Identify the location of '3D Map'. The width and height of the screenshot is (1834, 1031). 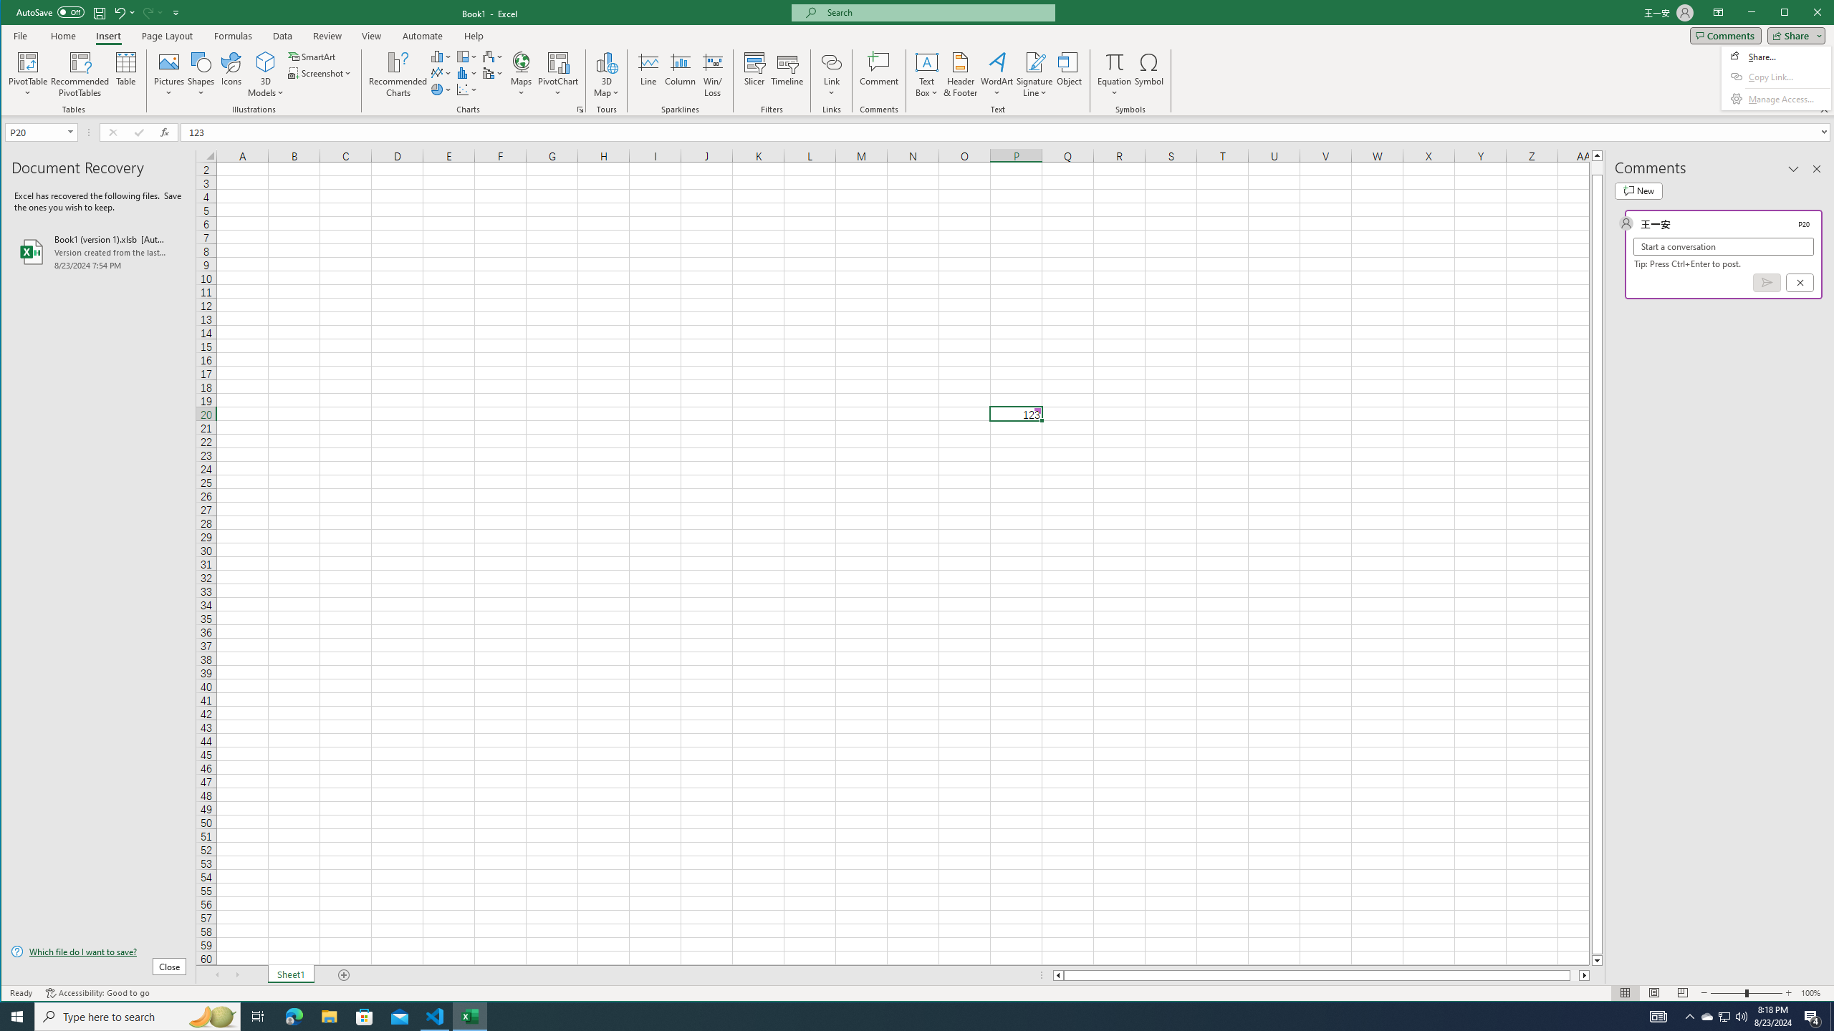
(607, 61).